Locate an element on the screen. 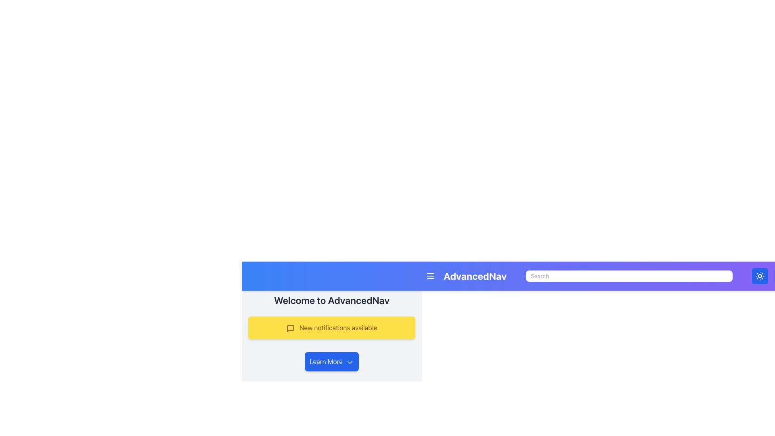  the 'Learn More' button with a blue background and white text is located at coordinates (331, 361).